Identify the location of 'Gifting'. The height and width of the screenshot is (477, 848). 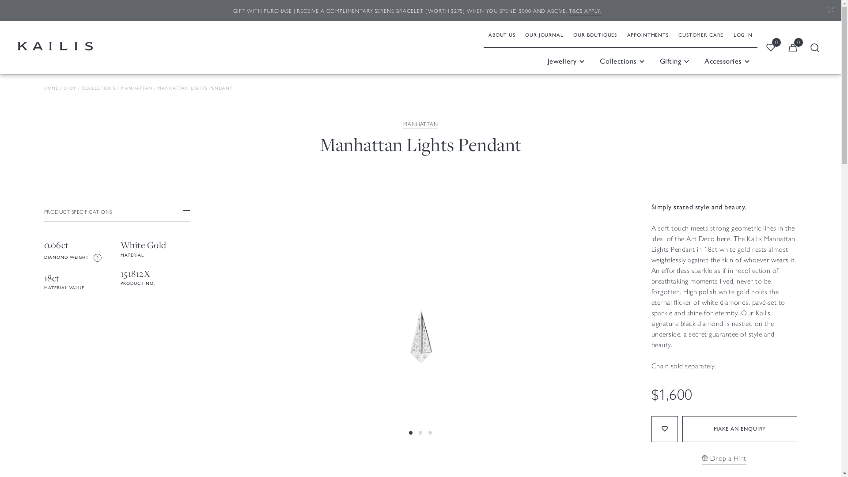
(652, 61).